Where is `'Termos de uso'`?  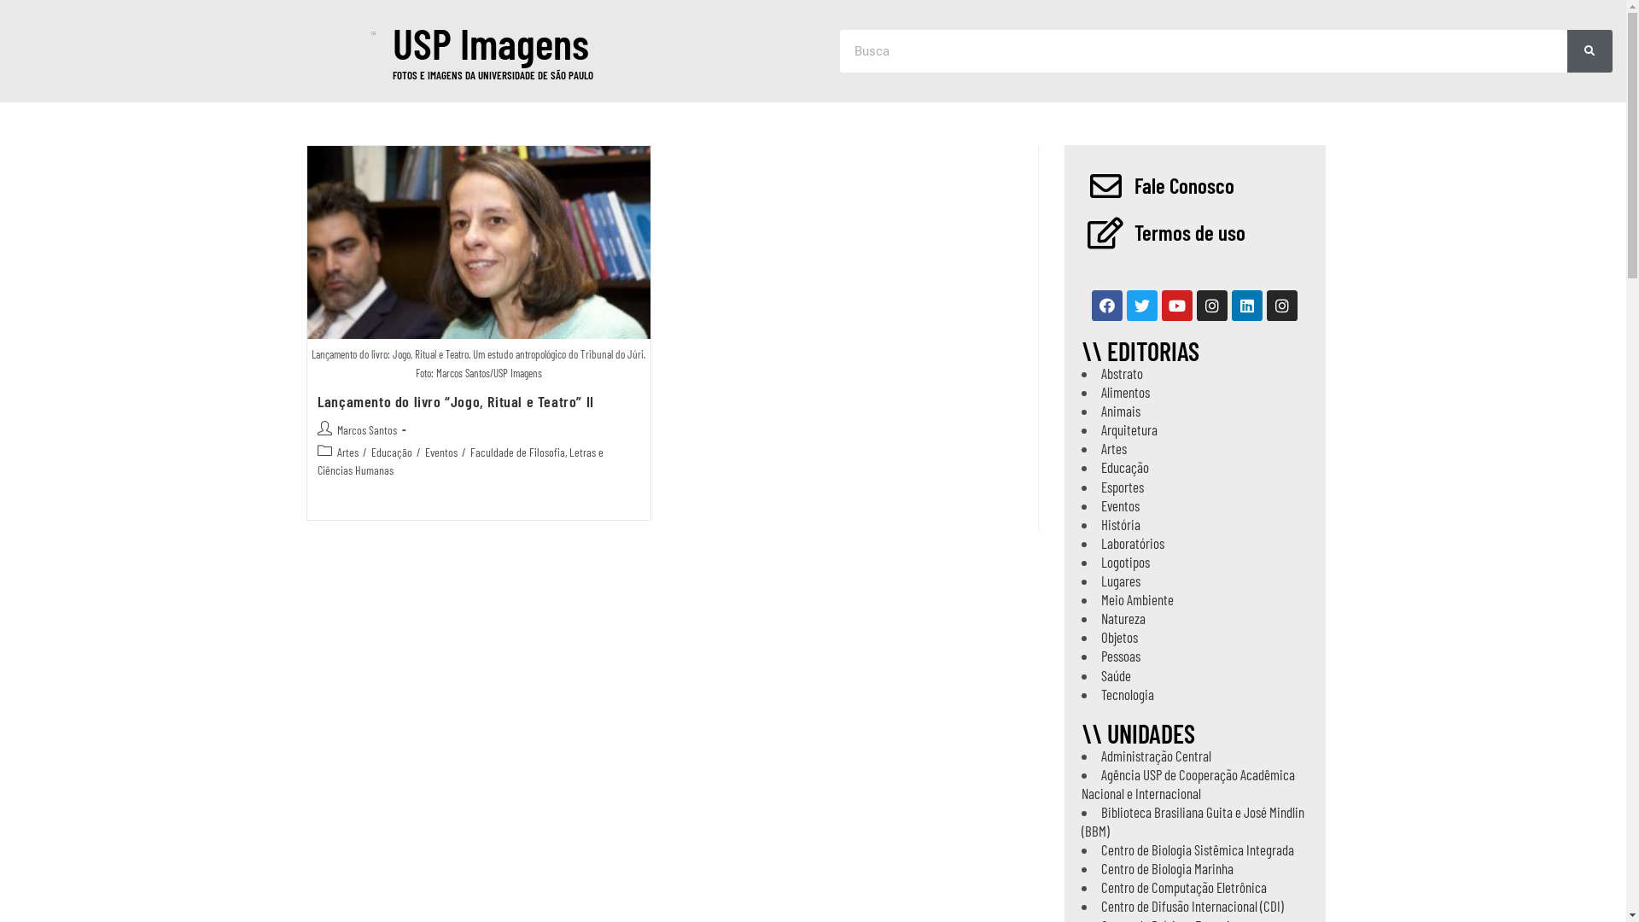
'Termos de uso' is located at coordinates (1187, 232).